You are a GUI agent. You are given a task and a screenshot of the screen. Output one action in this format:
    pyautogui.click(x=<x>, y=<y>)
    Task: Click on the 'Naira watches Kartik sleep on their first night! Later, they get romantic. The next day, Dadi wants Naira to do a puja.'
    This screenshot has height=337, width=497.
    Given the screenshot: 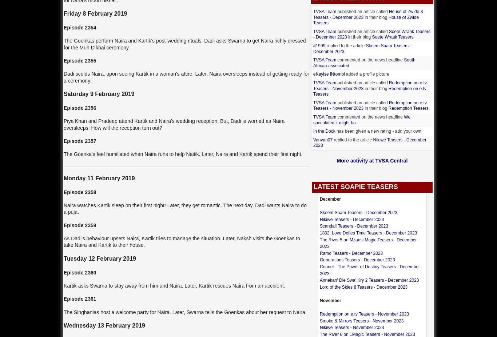 What is the action you would take?
    pyautogui.click(x=185, y=208)
    